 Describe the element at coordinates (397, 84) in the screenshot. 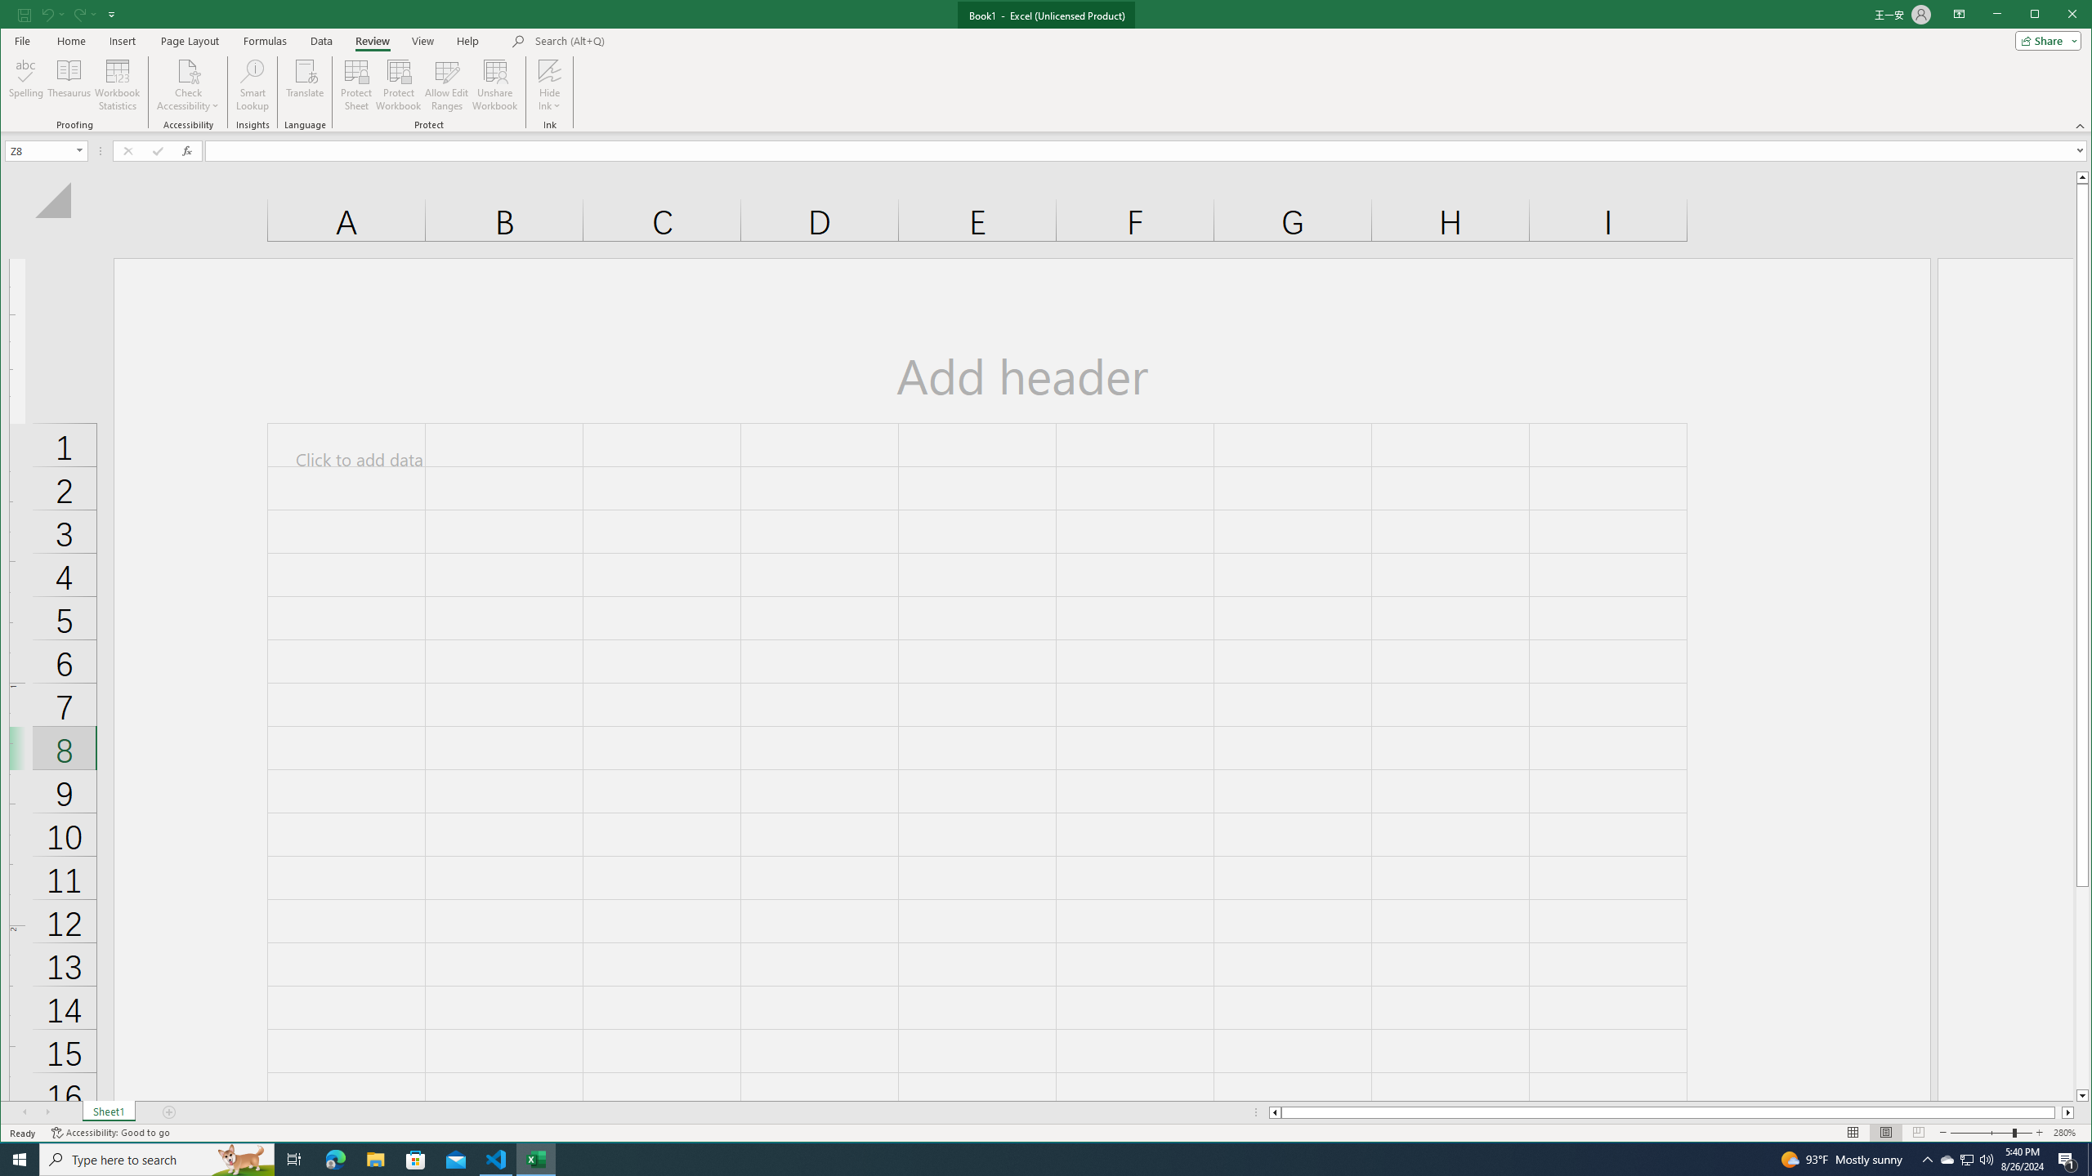

I see `'Protect Workbook...'` at that location.